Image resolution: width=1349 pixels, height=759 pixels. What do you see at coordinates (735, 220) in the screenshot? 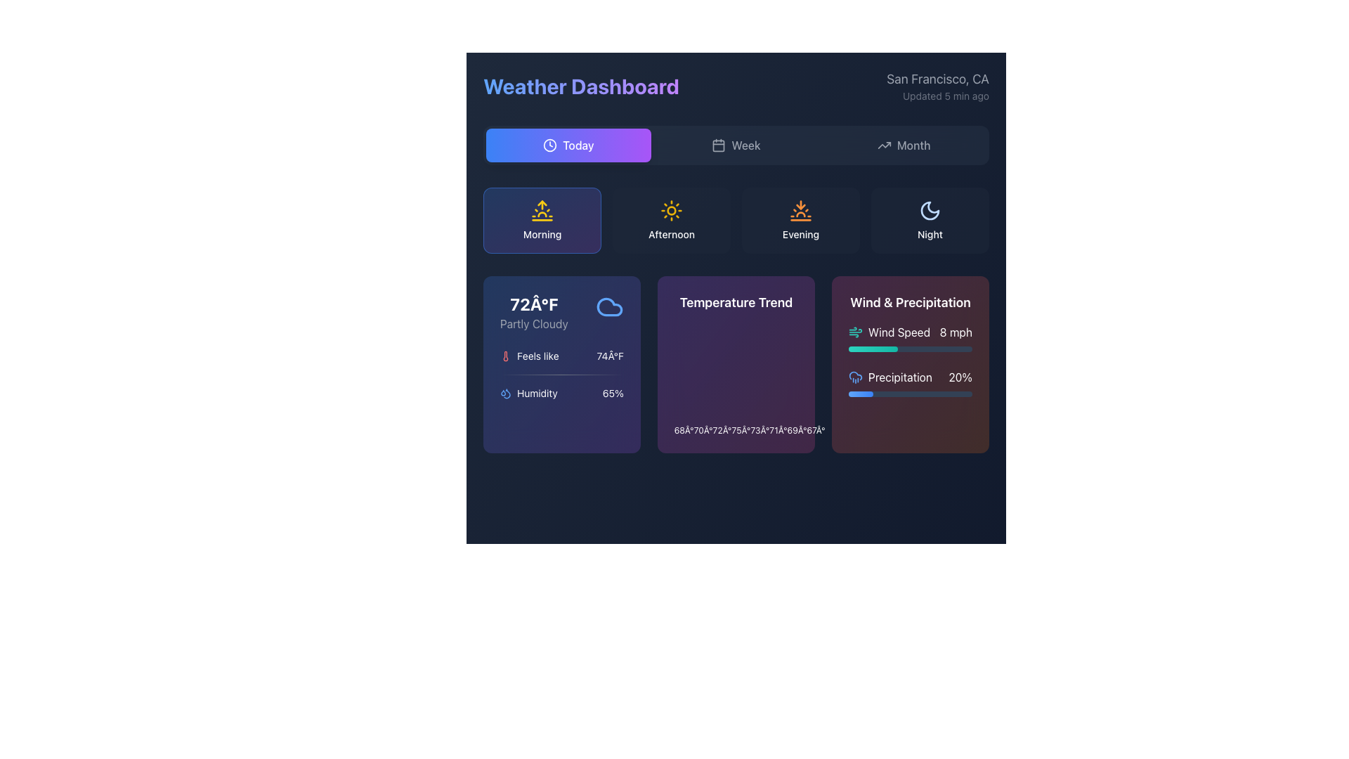
I see `the 'Evening' tab in the weather dashboard` at bounding box center [735, 220].